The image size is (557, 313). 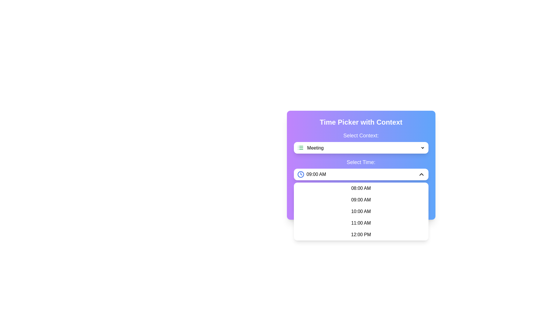 What do you see at coordinates (361, 204) in the screenshot?
I see `displayed time from the text label showing 'Selected Time: 09:00 AM', which is styled in bold dark gray font` at bounding box center [361, 204].